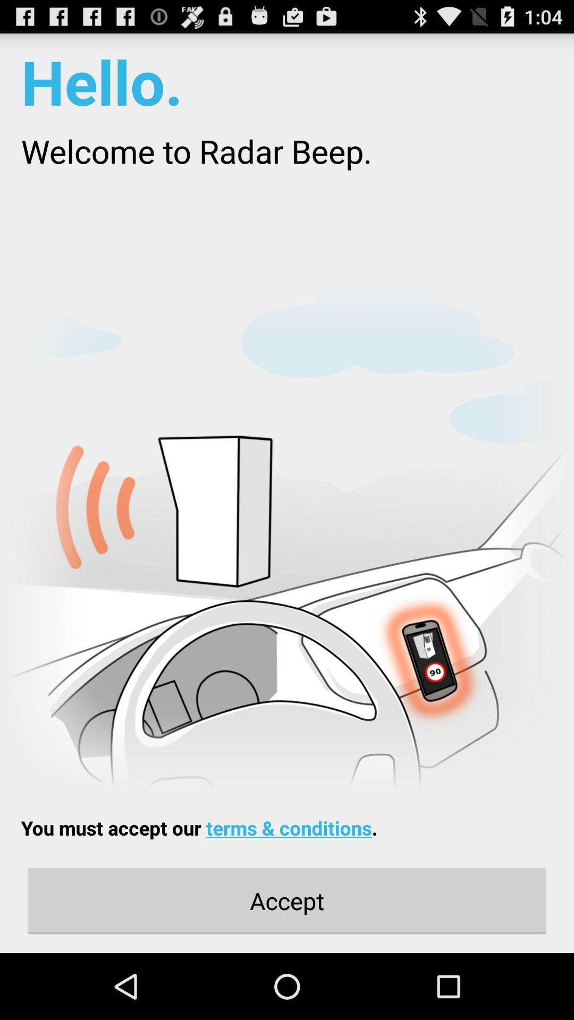  I want to click on the you must accept, so click(199, 827).